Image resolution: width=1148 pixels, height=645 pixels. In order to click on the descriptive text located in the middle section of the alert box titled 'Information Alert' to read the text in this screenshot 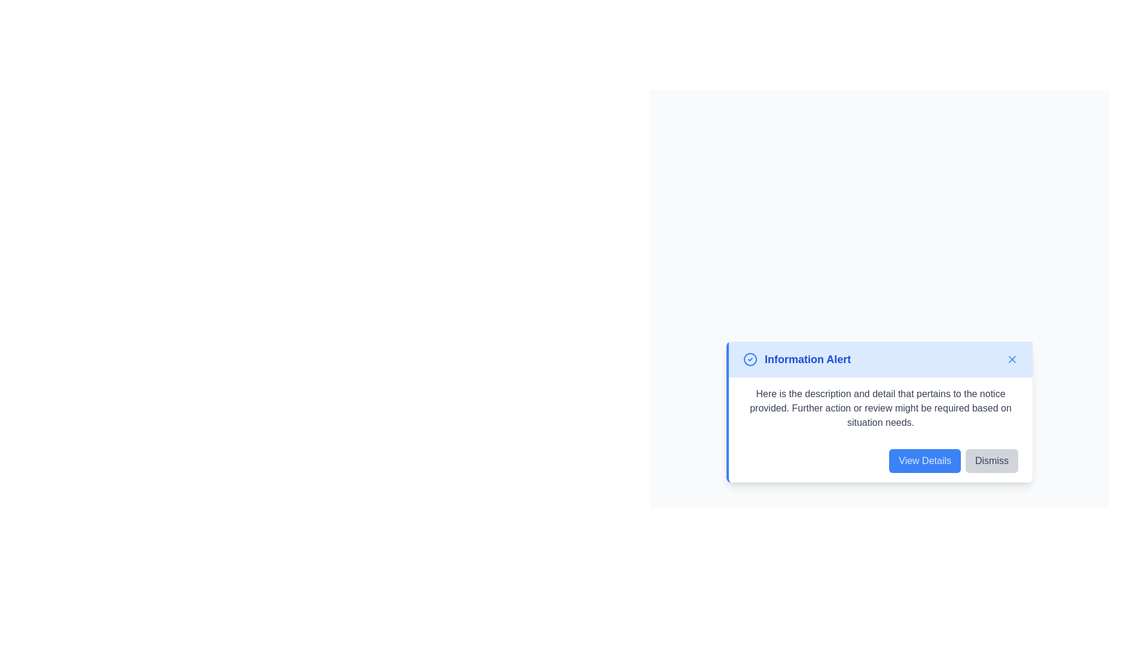, I will do `click(881, 407)`.